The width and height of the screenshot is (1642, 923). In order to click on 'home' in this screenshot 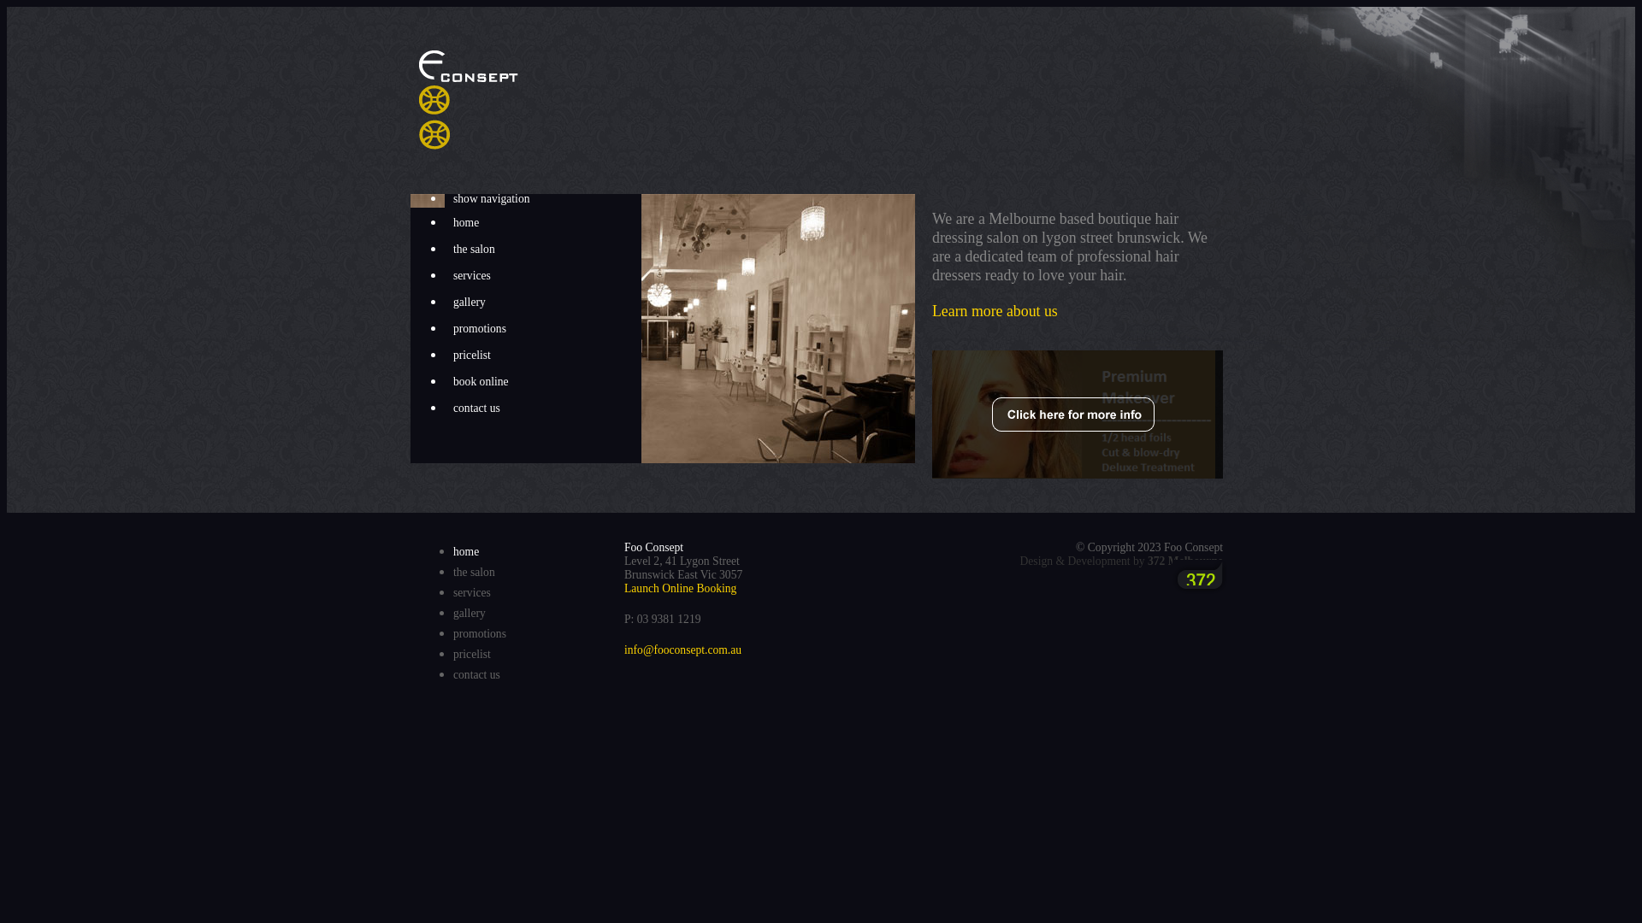, I will do `click(452, 551)`.